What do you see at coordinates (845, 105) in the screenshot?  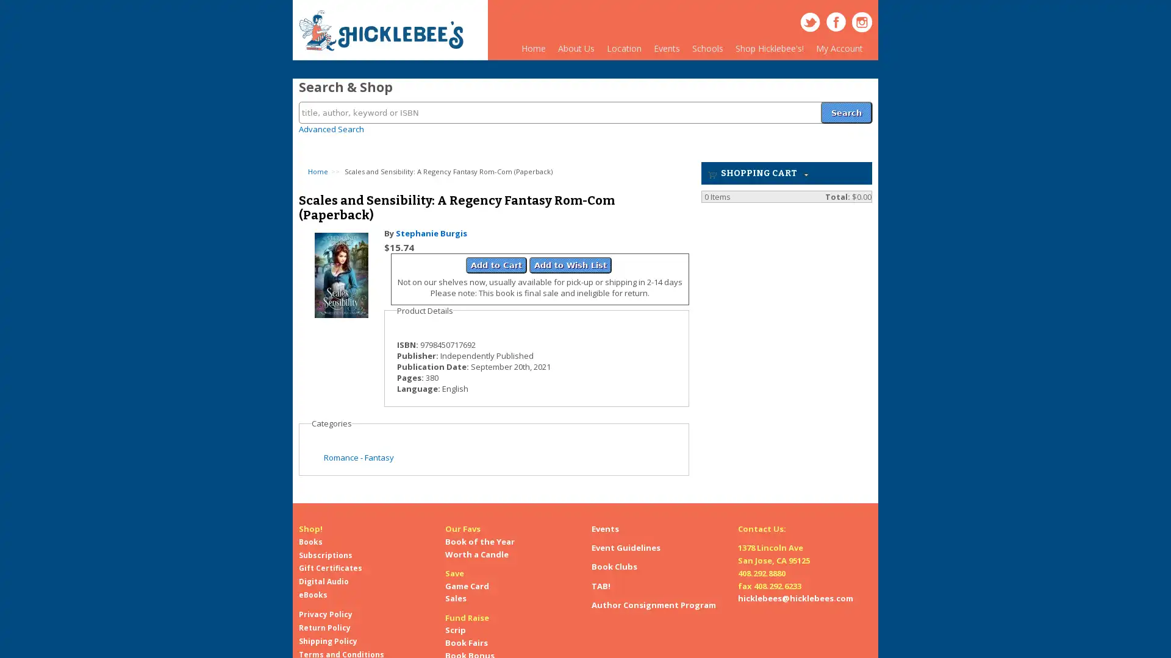 I see `Search` at bounding box center [845, 105].